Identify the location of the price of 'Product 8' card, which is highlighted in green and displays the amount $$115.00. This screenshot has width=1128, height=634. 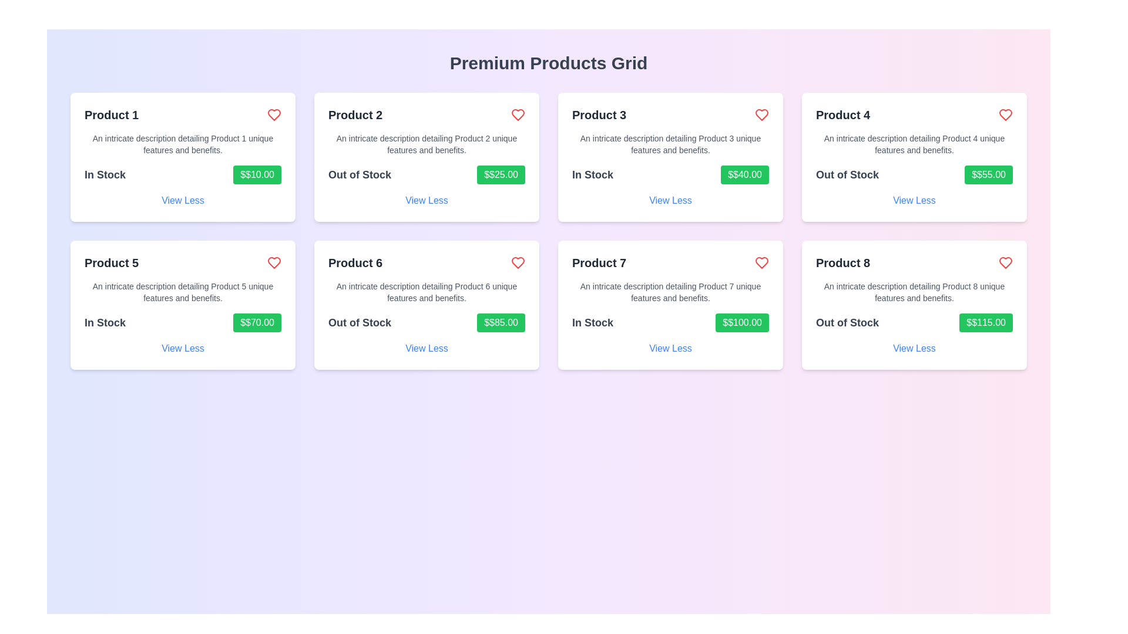
(914, 305).